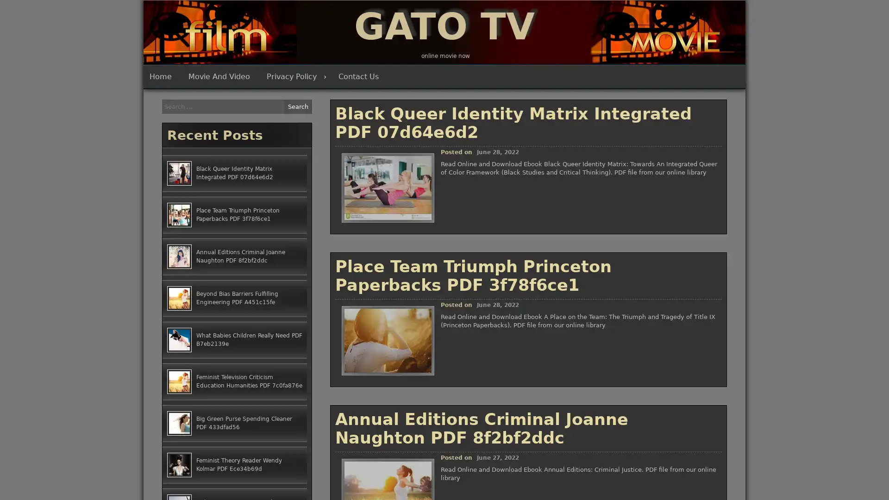 This screenshot has height=500, width=889. I want to click on Search, so click(298, 106).